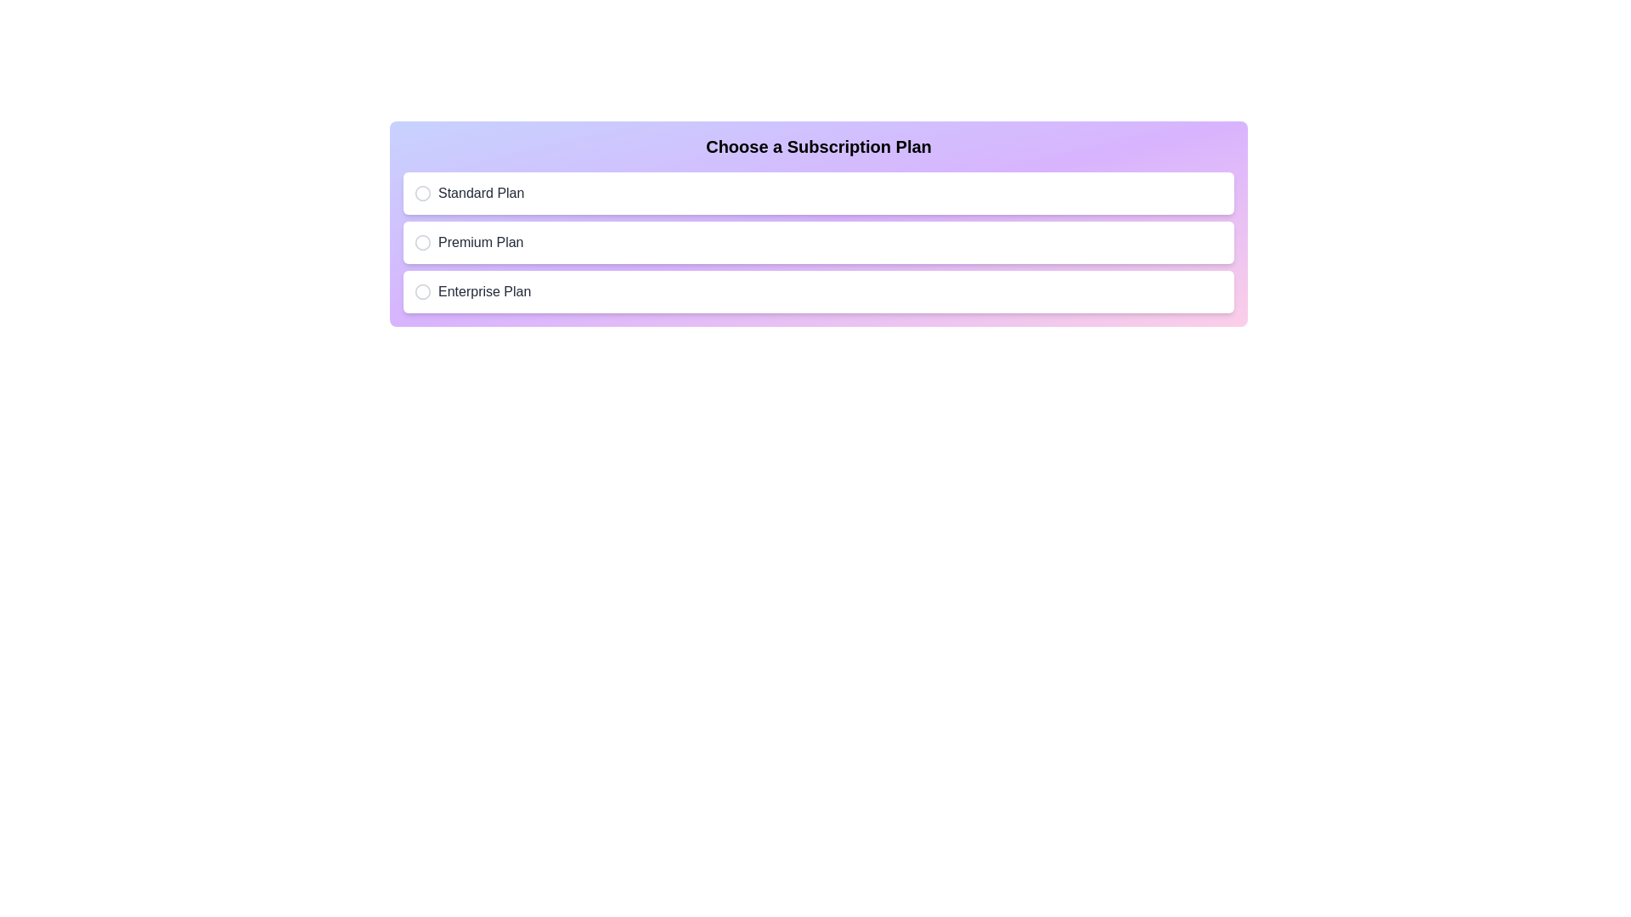 The width and height of the screenshot is (1631, 917). What do you see at coordinates (423, 192) in the screenshot?
I see `the circular radio button indicator next to the 'Standard Plan' option` at bounding box center [423, 192].